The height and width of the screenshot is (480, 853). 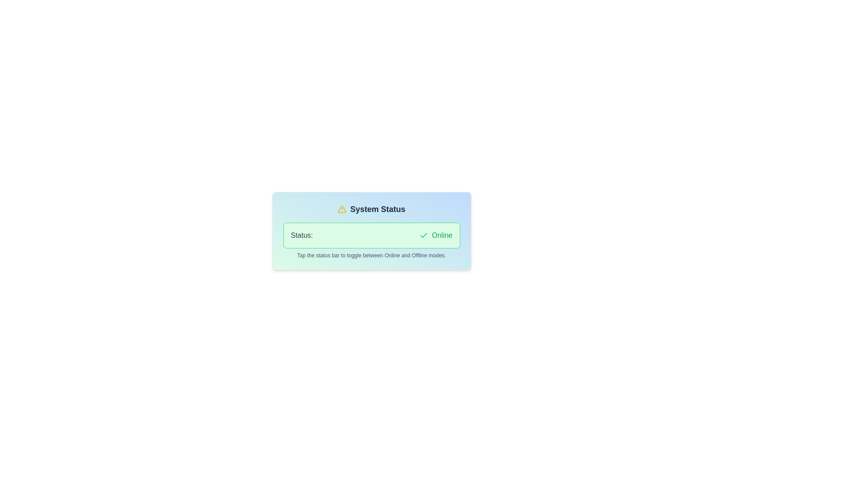 What do you see at coordinates (378, 209) in the screenshot?
I see `the 'System Status' text label, which is styled in bold with a grayish-black color and positioned to the right of a yellow warning icon, to possibly activate related details or actions` at bounding box center [378, 209].